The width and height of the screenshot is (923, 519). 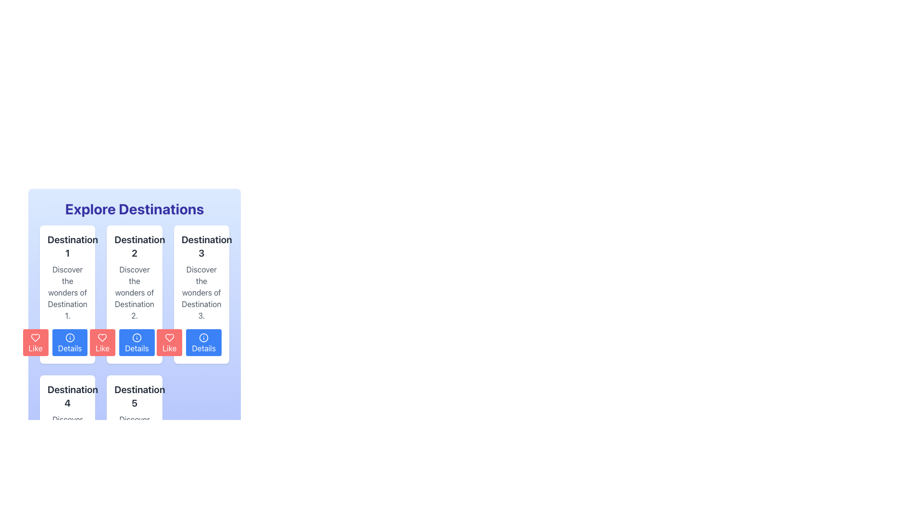 I want to click on the 'Details' button for 'Destination 2', which is the second button in the row of buttons below its description box, so click(x=136, y=342).